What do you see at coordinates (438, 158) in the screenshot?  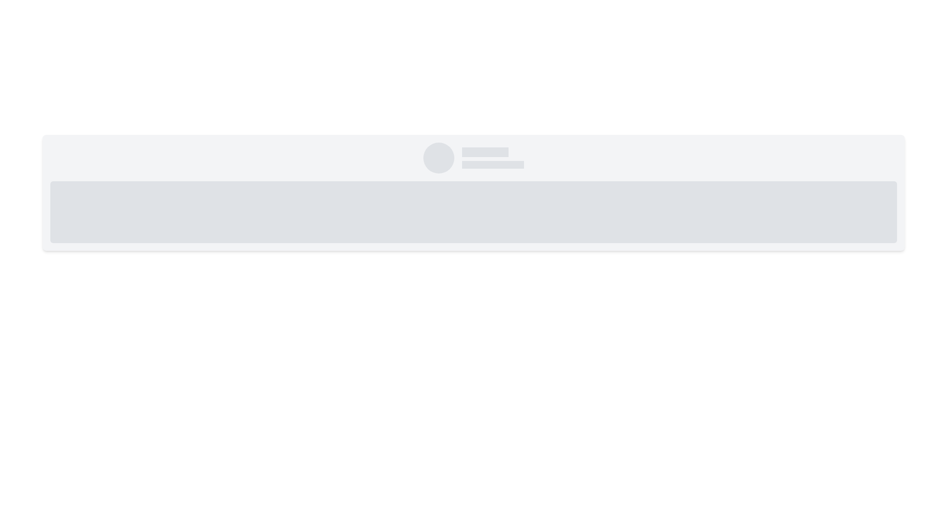 I see `the circular UI placeholder with a gray background, positioned at the left side of a group of rectangular elements` at bounding box center [438, 158].